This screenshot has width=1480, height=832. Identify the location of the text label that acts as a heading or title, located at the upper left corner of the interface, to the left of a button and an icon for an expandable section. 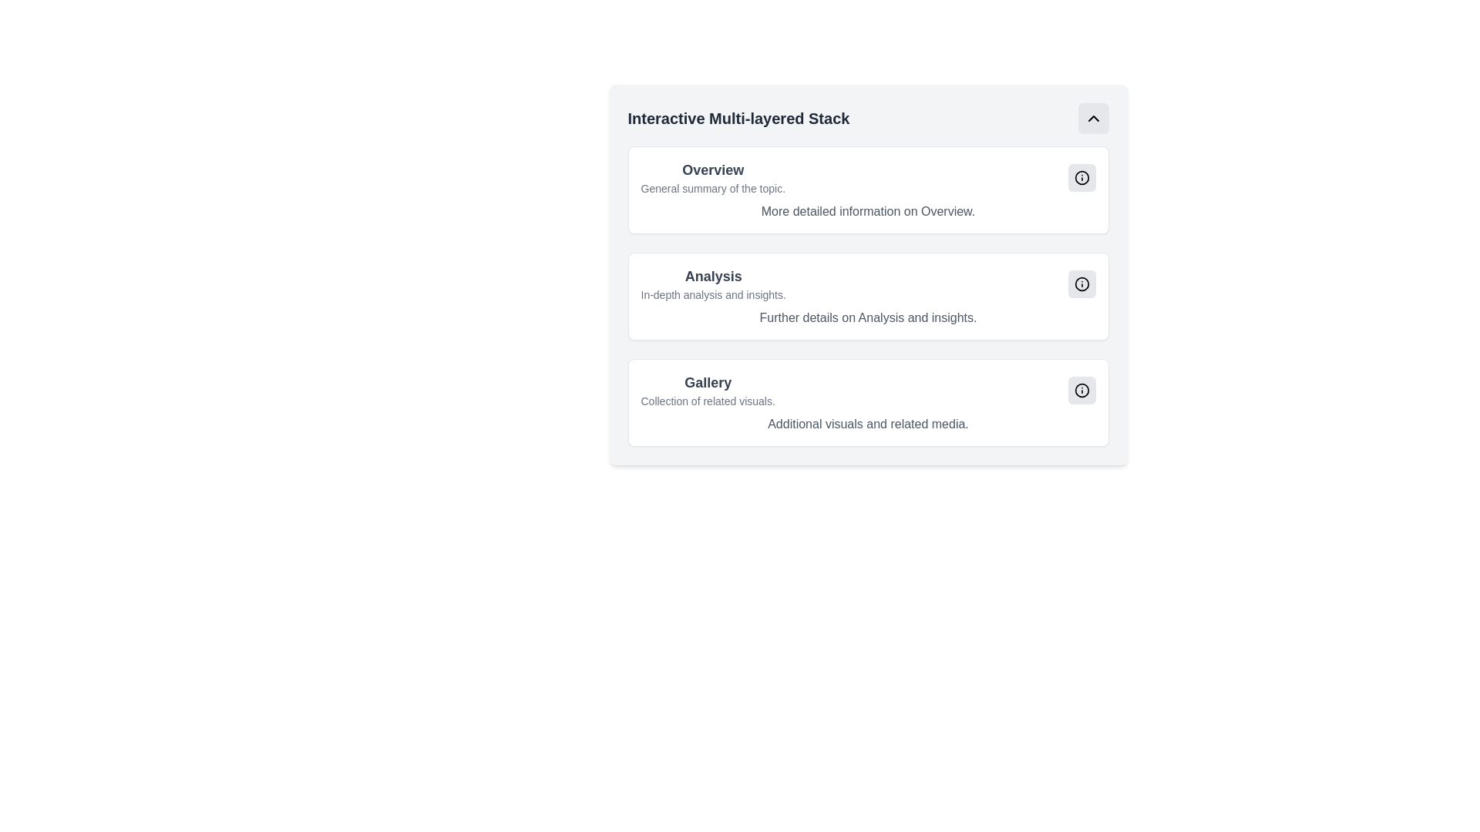
(738, 118).